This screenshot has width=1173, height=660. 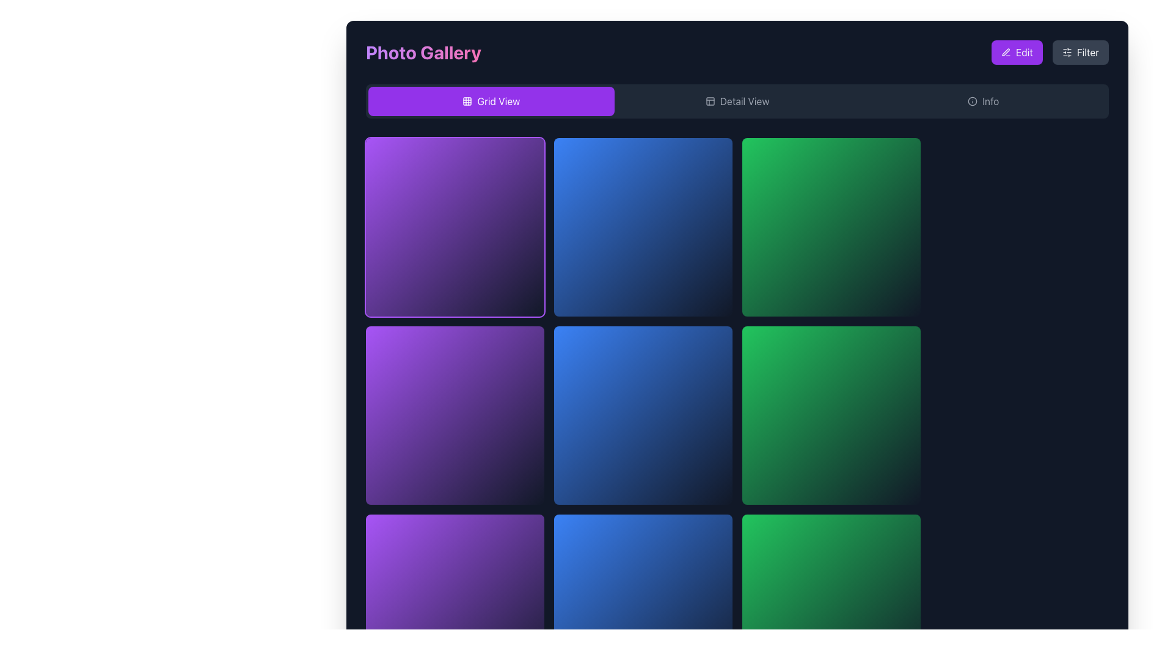 What do you see at coordinates (1006, 51) in the screenshot?
I see `the pen icon located in the top-right corner of the application interface, which symbolizes the 'Edit' functionality` at bounding box center [1006, 51].